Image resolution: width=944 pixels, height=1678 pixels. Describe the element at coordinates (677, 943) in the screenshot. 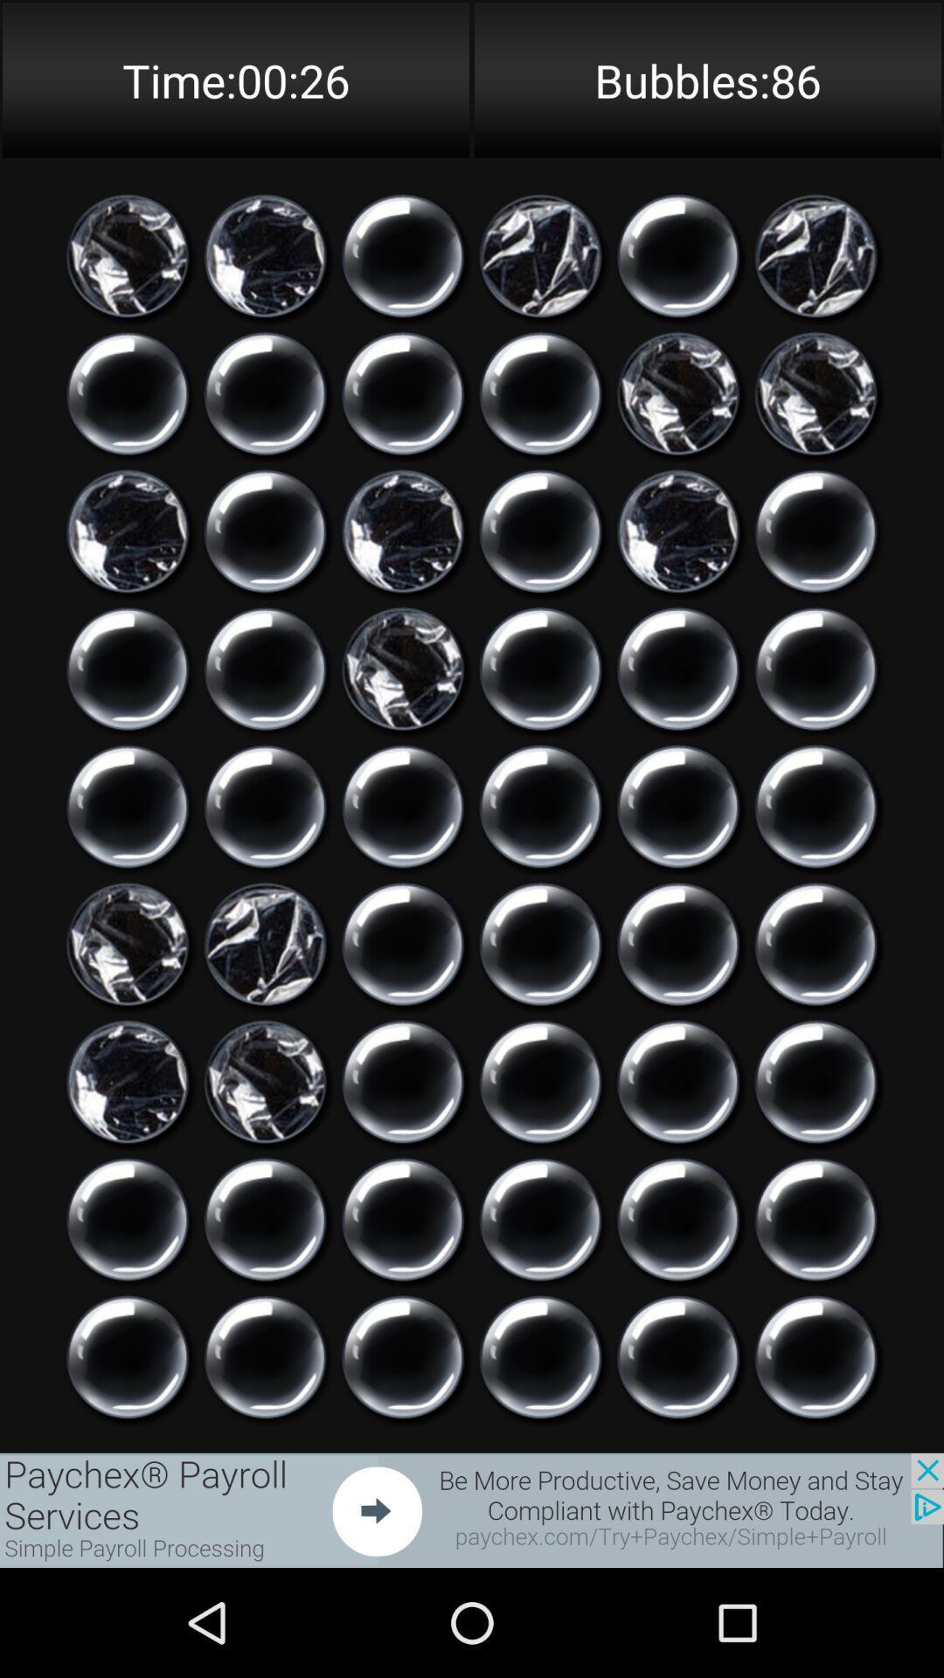

I see `game piece` at that location.